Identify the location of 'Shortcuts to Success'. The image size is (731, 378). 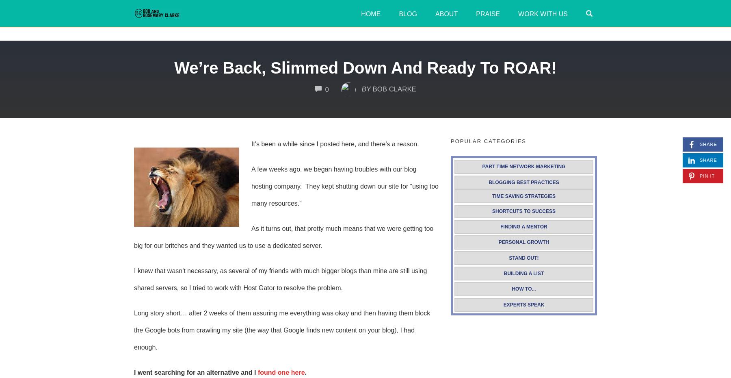
(523, 211).